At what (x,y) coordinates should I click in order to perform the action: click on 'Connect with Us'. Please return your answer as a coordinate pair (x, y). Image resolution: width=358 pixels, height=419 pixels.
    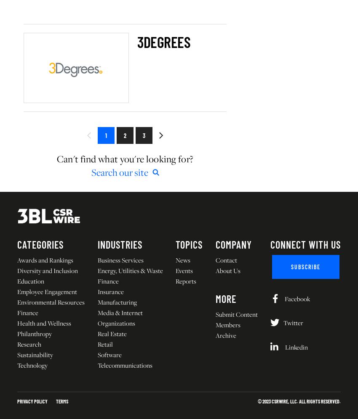
    Looking at the image, I should click on (305, 244).